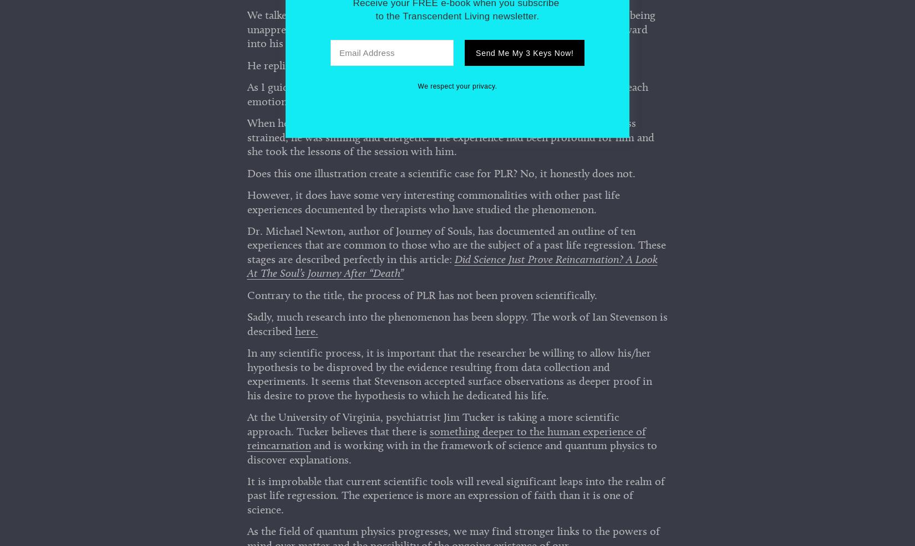 The height and width of the screenshot is (546, 915). What do you see at coordinates (432, 427) in the screenshot?
I see `'At the University of Virginia, psychiatrist Jim Tucker is taking a more scientific approach. Tucker believes that there is'` at bounding box center [432, 427].